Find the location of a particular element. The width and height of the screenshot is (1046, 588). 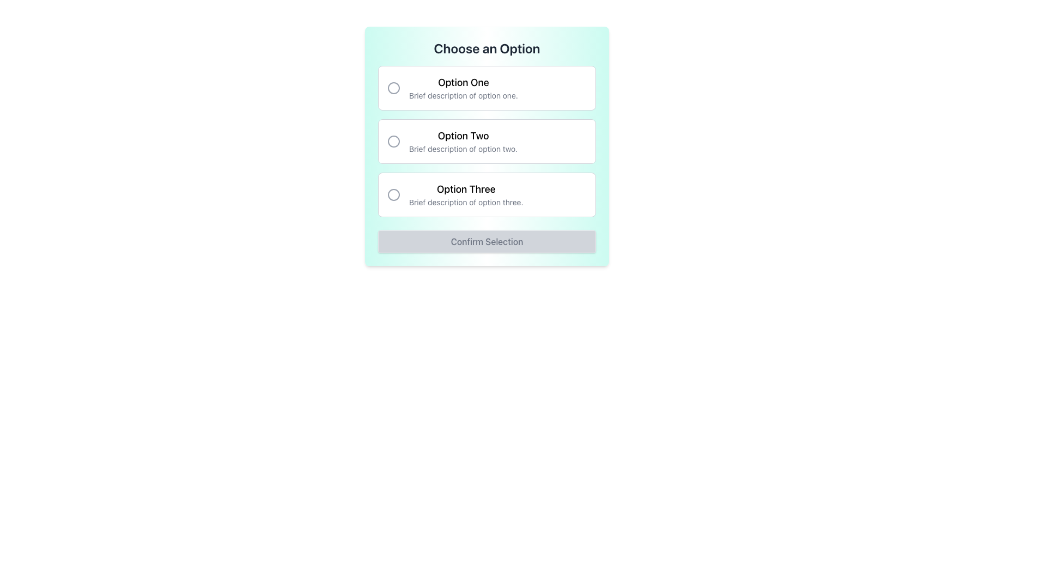

the circular radio button indicator located to the left of the text 'Option One' in the top card is located at coordinates (393, 88).